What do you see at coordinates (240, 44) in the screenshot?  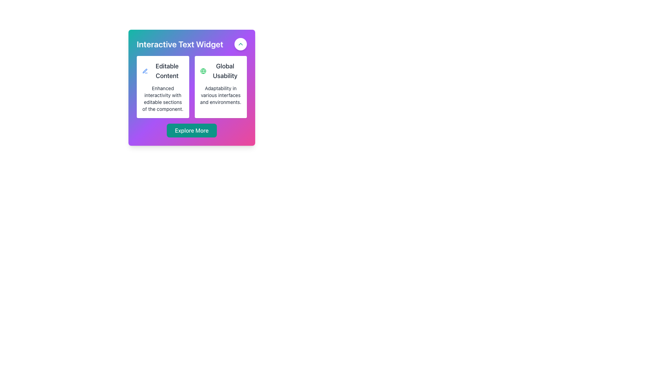 I see `the upward navigation icon located inside the circular button at the top-right corner of the 'Interactive Text Widget' card component` at bounding box center [240, 44].